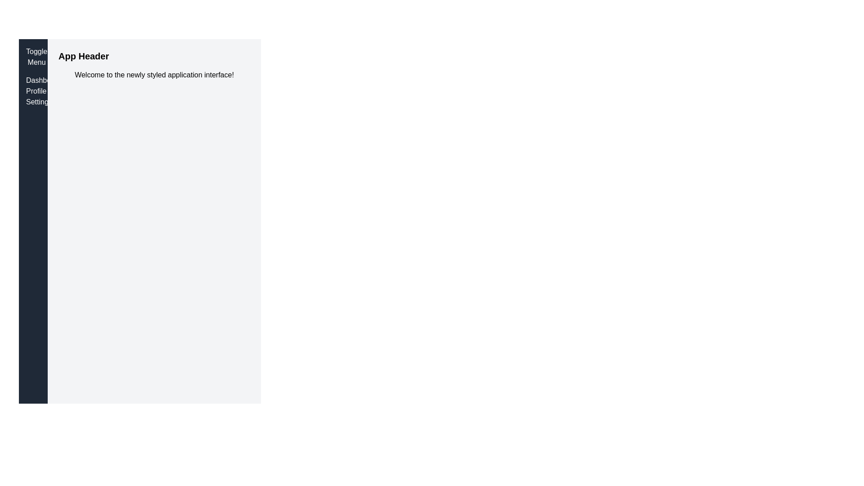 The height and width of the screenshot is (486, 864). Describe the element at coordinates (154, 74) in the screenshot. I see `the static text block that serves as an informational header or subtitle, positioned directly under 'App Header' and emphasizing the new design aspects` at that location.